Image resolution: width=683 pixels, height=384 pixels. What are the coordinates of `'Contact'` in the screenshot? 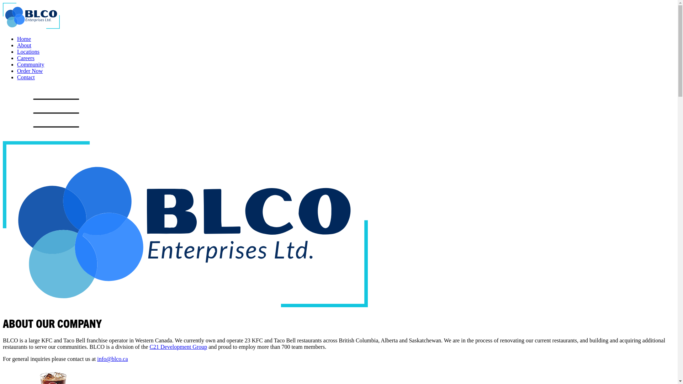 It's located at (26, 77).